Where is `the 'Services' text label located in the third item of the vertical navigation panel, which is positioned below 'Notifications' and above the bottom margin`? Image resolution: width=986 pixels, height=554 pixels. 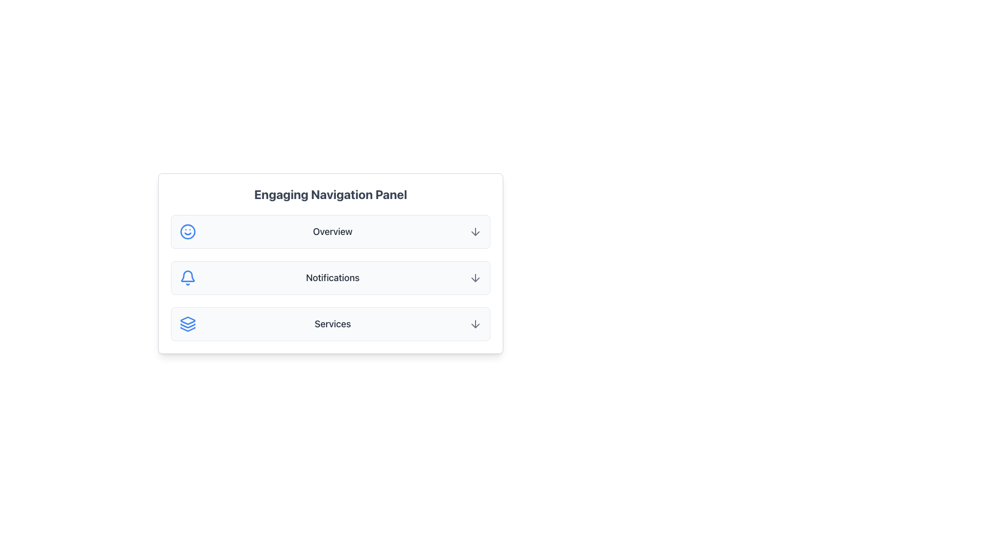 the 'Services' text label located in the third item of the vertical navigation panel, which is positioned below 'Notifications' and above the bottom margin is located at coordinates (333, 324).